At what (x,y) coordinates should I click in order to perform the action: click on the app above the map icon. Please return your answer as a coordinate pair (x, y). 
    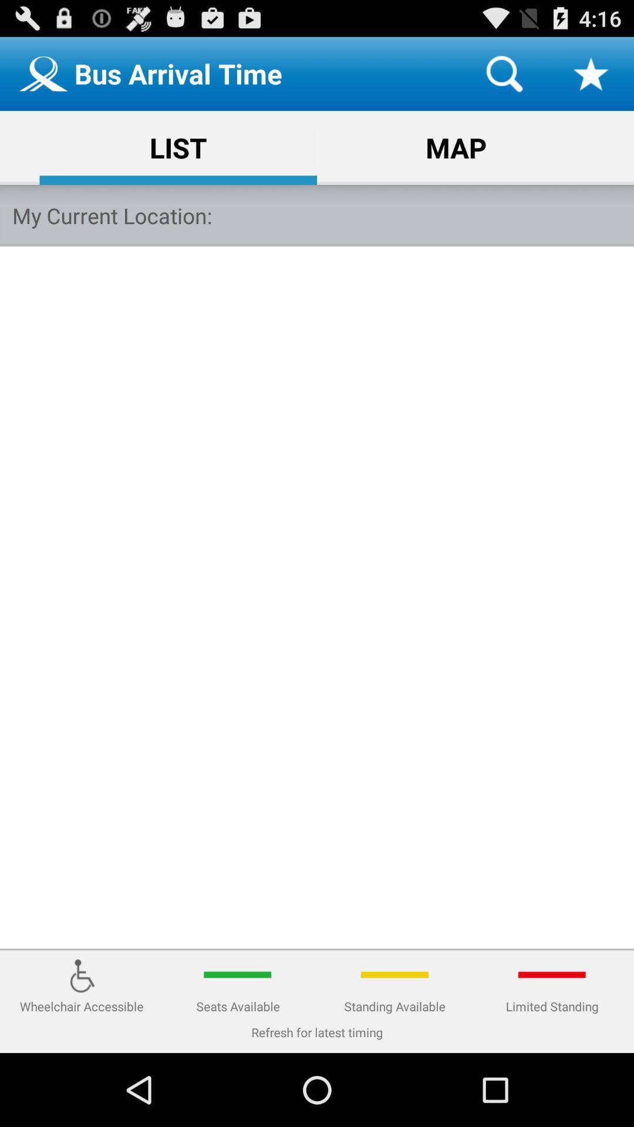
    Looking at the image, I should click on (504, 73).